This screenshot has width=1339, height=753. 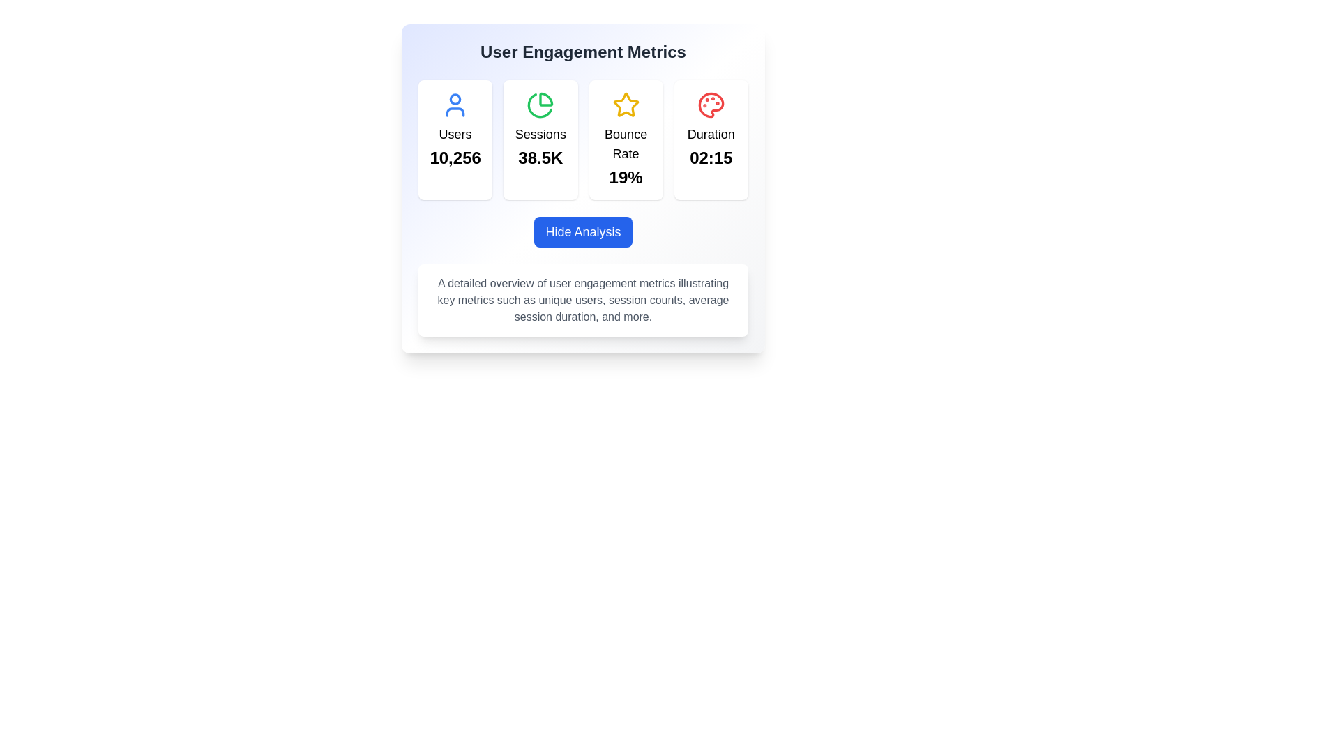 I want to click on the card element displaying a golden star icon and the label 'Bounce Rate' with the percentage value '19%', which is located third in a sequence of four cards, so click(x=625, y=139).